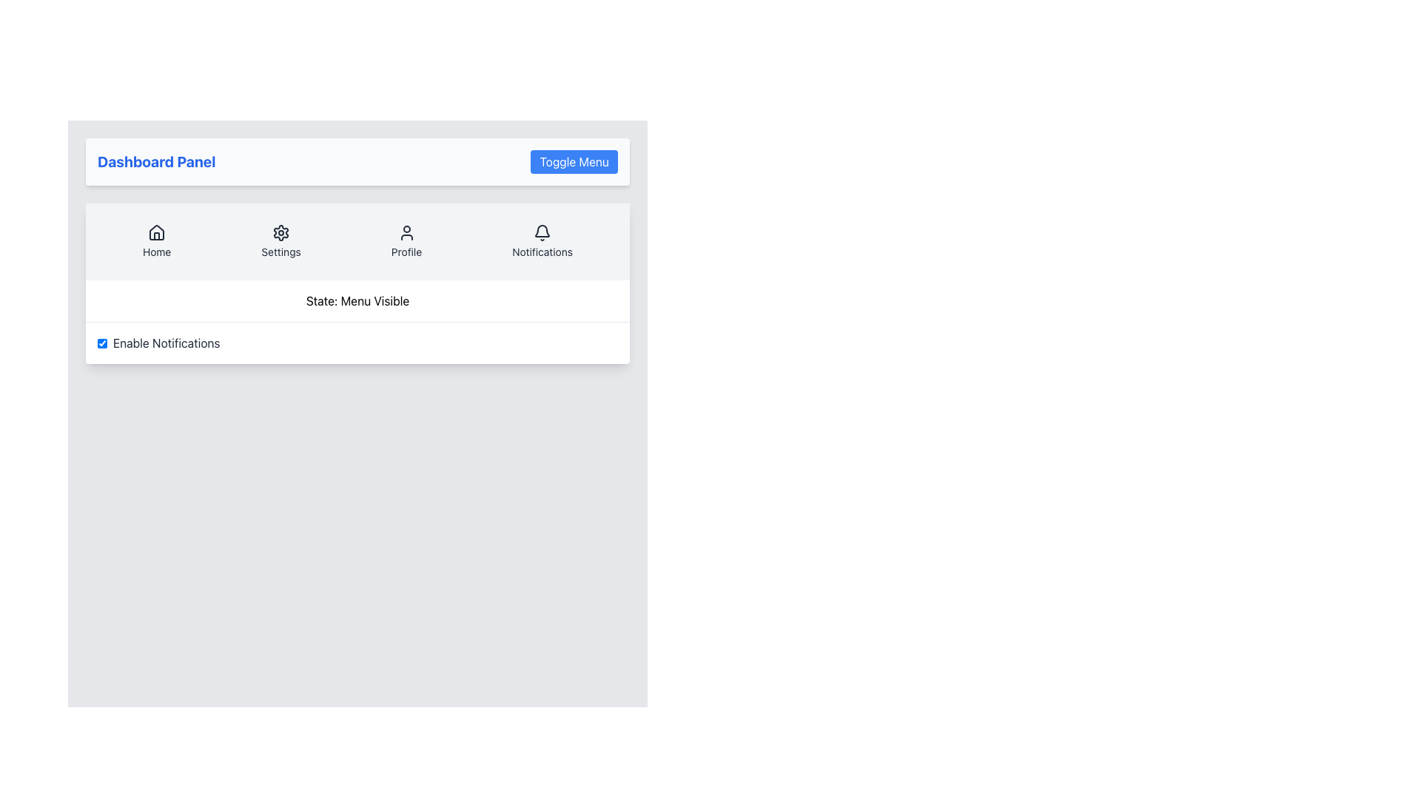 The image size is (1421, 799). Describe the element at coordinates (157, 233) in the screenshot. I see `the 'Home' icon located in the first position from the left in the menu bar, which is above the text label 'Home' and part of the navigation section` at that location.